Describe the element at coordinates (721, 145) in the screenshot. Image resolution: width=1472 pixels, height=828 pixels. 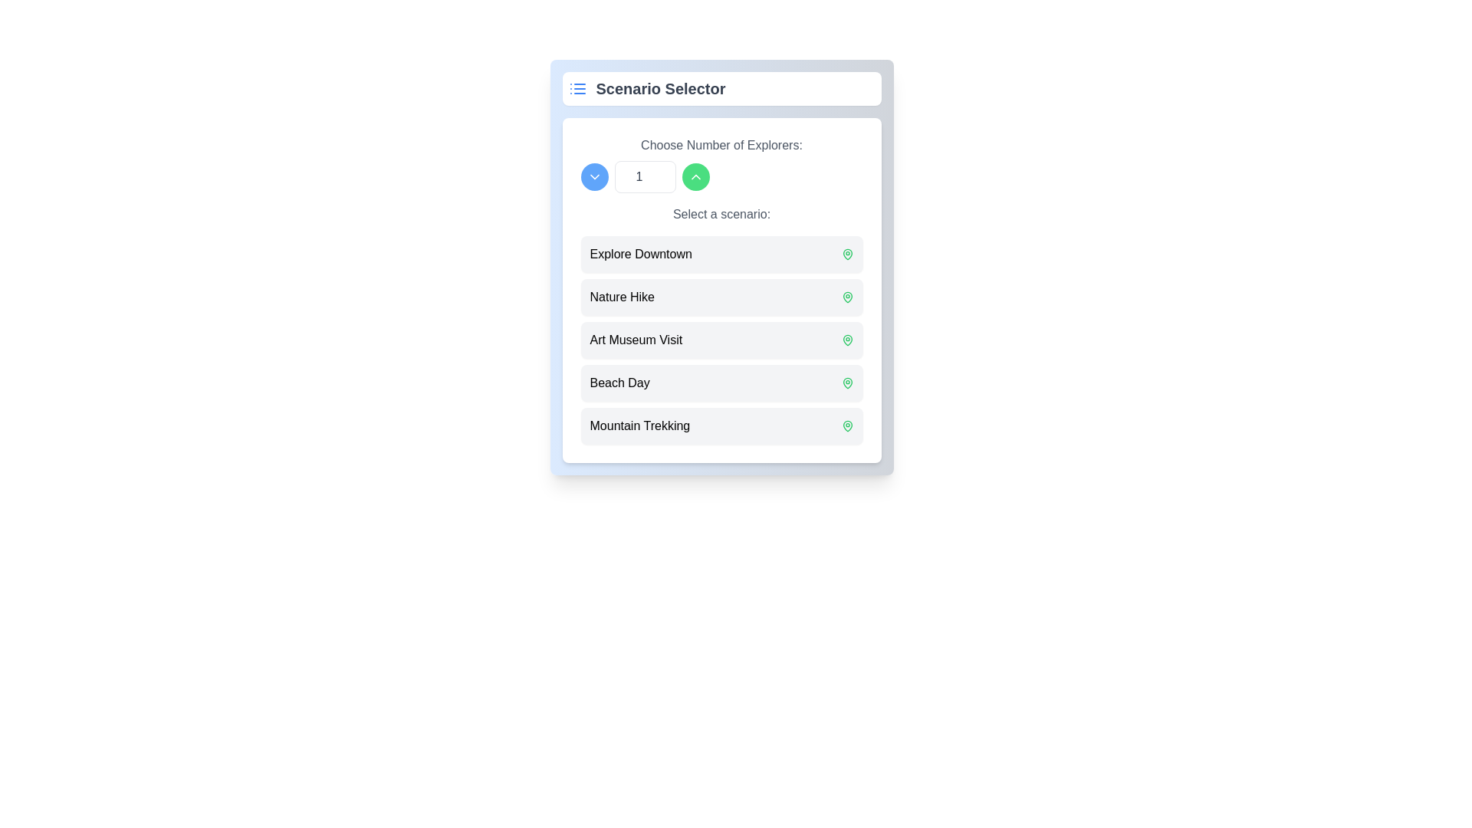
I see `the centrally aligned text label that provides instructions for the user interface controls for selecting the number of explorers, located at the top of the content area` at that location.